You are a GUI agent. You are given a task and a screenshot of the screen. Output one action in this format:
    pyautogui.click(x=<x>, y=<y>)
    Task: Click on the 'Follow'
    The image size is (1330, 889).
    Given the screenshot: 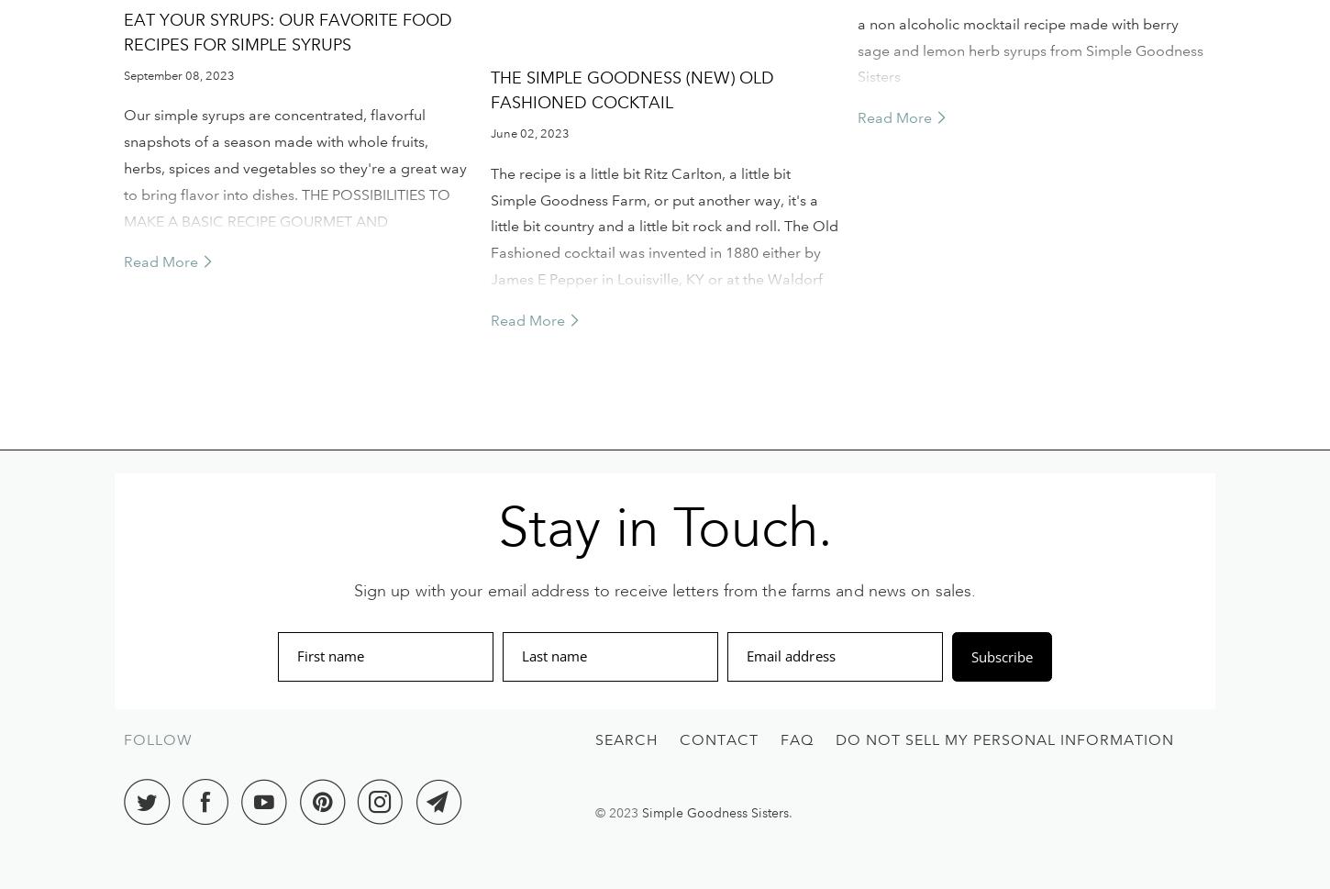 What is the action you would take?
    pyautogui.click(x=157, y=739)
    